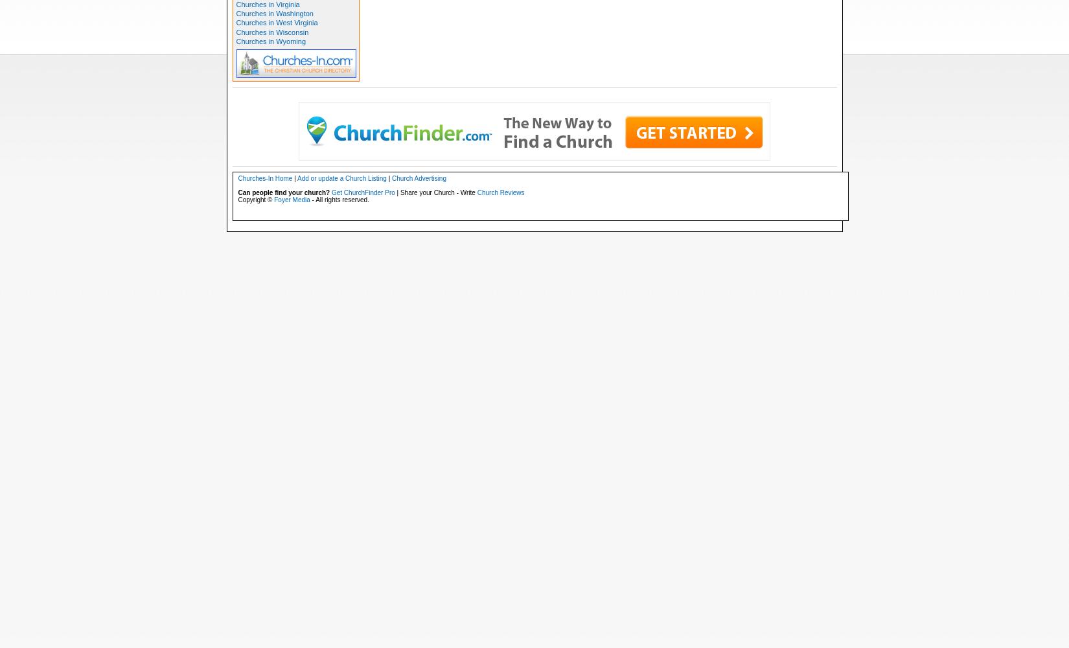 This screenshot has width=1069, height=648. What do you see at coordinates (435, 192) in the screenshot?
I see `'|
                Share your Church - Write'` at bounding box center [435, 192].